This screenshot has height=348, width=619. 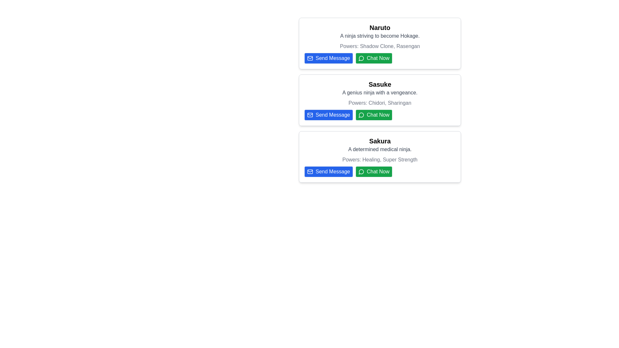 I want to click on the speech bubble icon with a green background located inside the 'Chat Now' button to initiate a chat, so click(x=361, y=115).